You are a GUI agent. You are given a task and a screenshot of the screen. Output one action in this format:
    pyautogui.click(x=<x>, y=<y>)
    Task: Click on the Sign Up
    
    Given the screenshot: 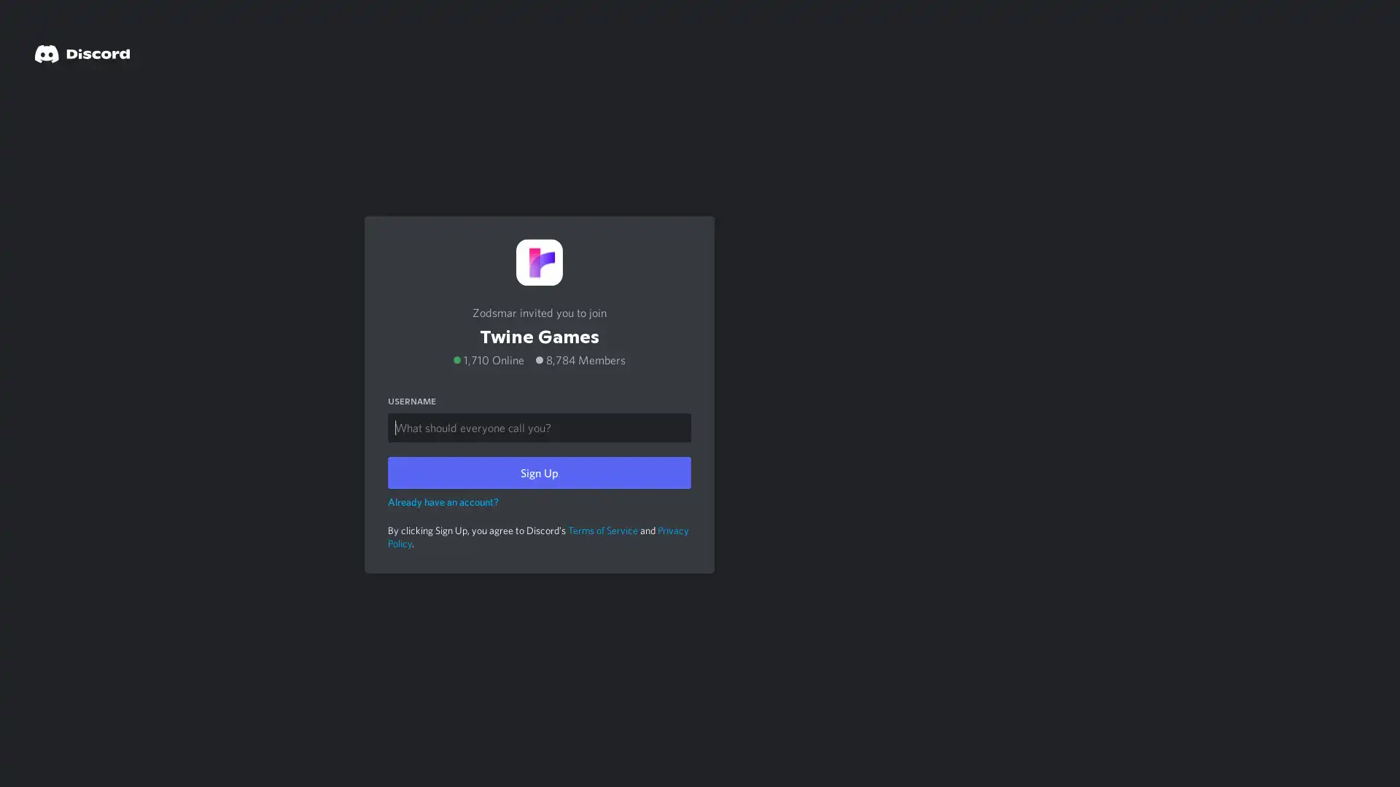 What is the action you would take?
    pyautogui.click(x=538, y=471)
    